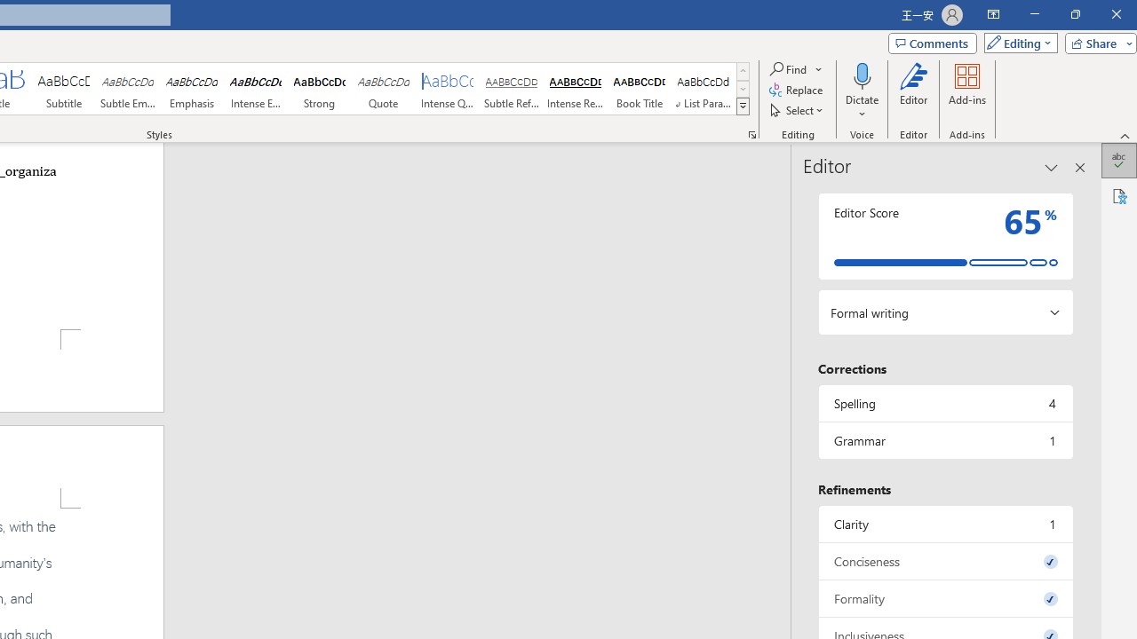 The height and width of the screenshot is (639, 1137). Describe the element at coordinates (575, 89) in the screenshot. I see `'Intense Reference'` at that location.